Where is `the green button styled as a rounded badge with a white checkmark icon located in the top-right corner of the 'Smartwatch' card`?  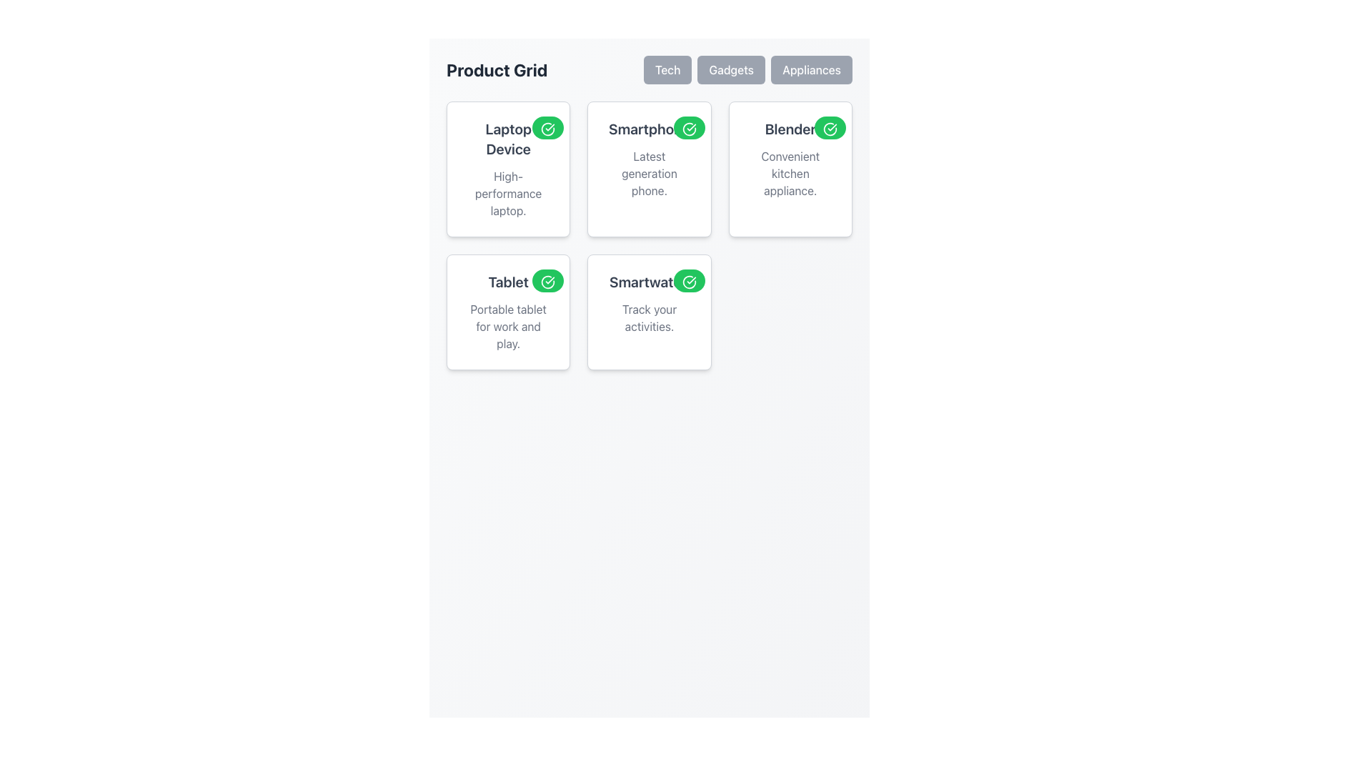 the green button styled as a rounded badge with a white checkmark icon located in the top-right corner of the 'Smartwatch' card is located at coordinates (689, 281).